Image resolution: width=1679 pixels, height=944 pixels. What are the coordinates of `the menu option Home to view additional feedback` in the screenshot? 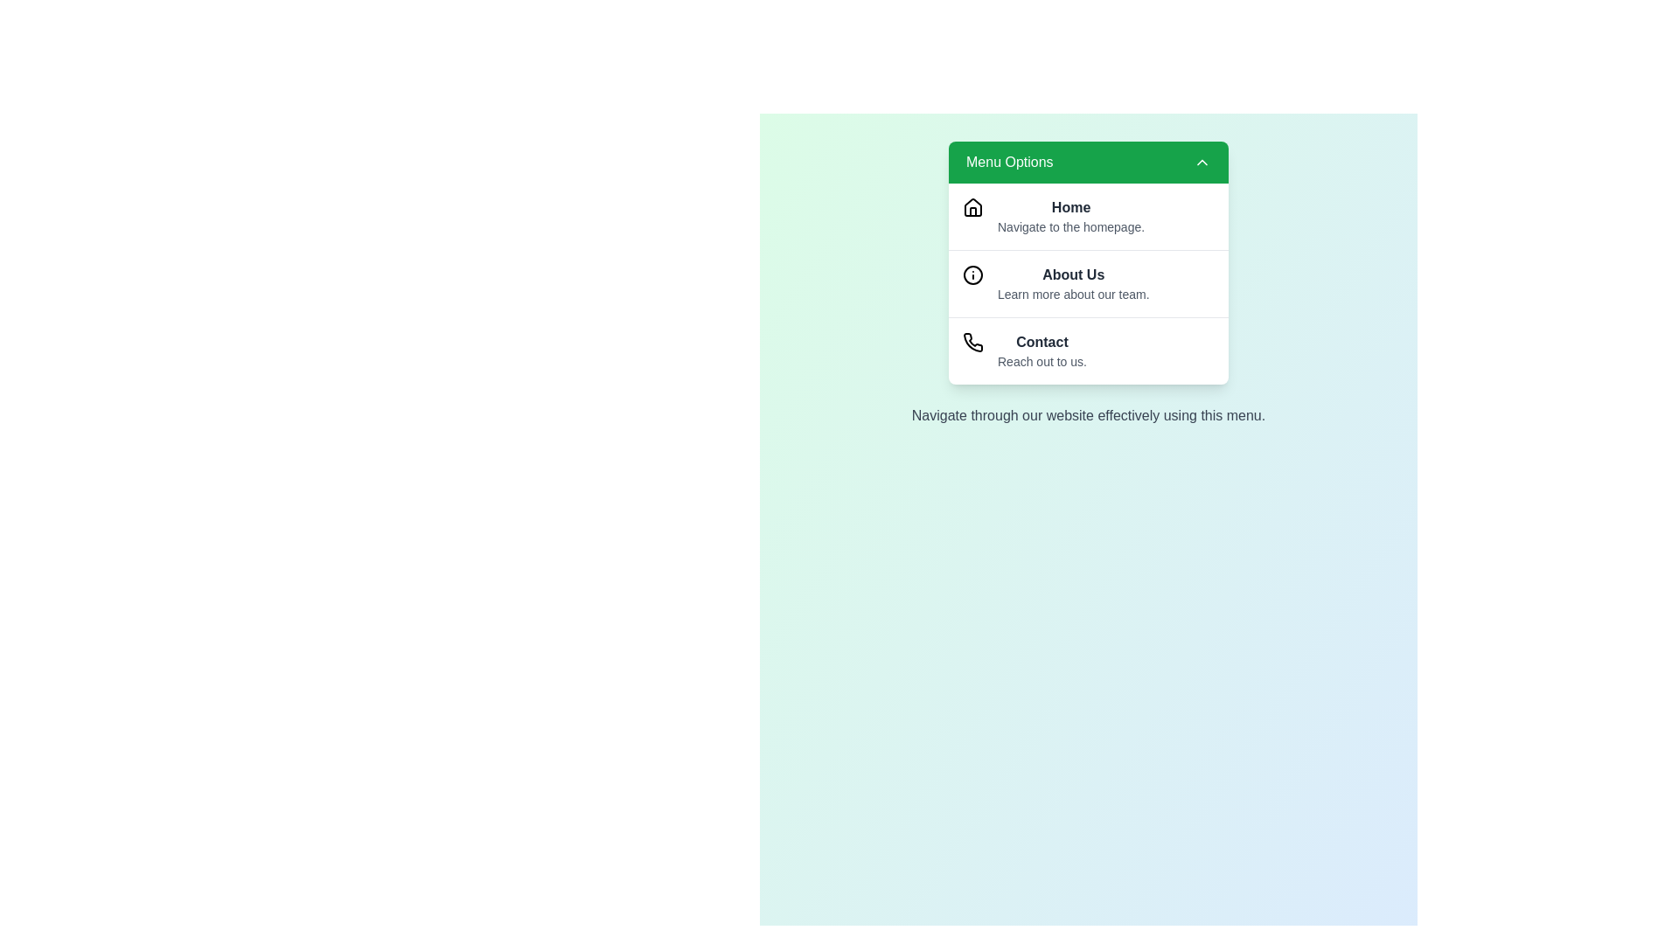 It's located at (1087, 215).